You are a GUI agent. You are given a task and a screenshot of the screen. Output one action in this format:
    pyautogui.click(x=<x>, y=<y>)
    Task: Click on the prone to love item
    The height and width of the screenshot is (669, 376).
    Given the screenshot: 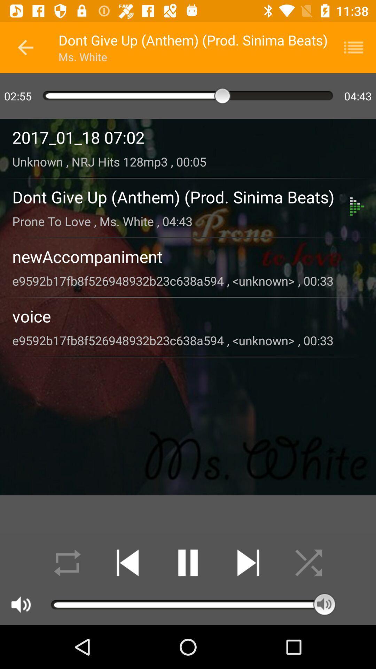 What is the action you would take?
    pyautogui.click(x=181, y=221)
    